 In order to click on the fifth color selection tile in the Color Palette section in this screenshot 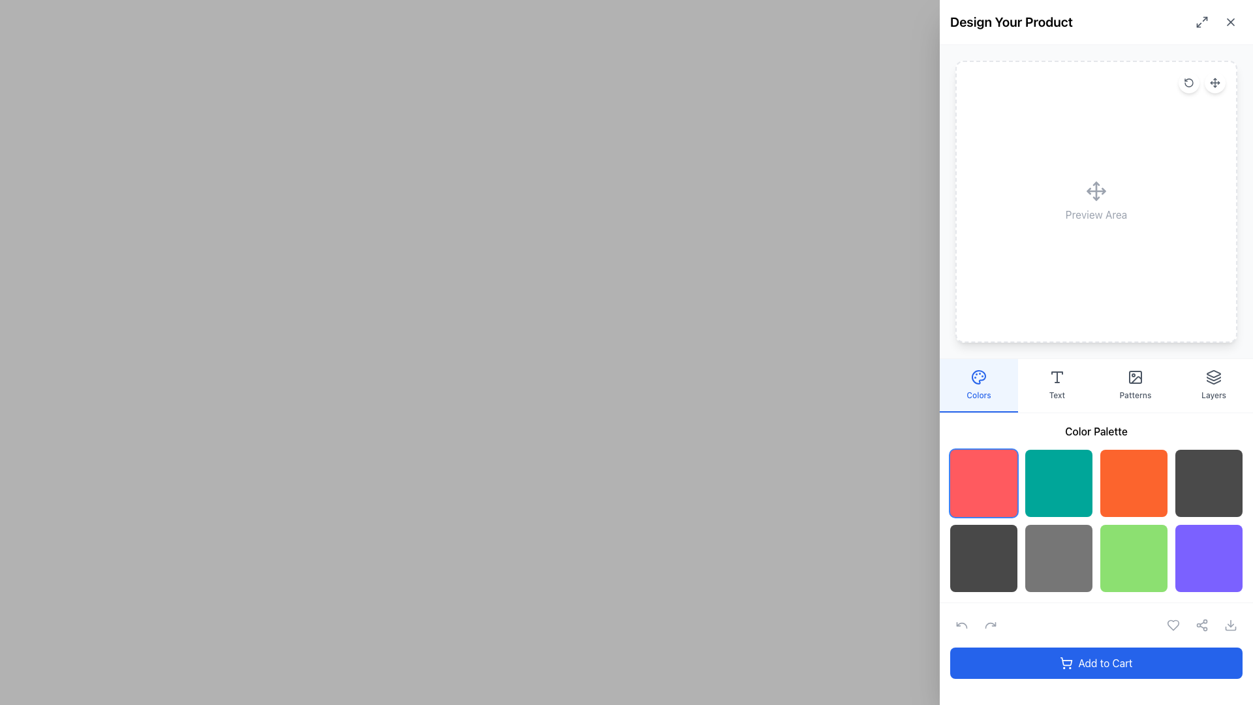, I will do `click(983, 558)`.